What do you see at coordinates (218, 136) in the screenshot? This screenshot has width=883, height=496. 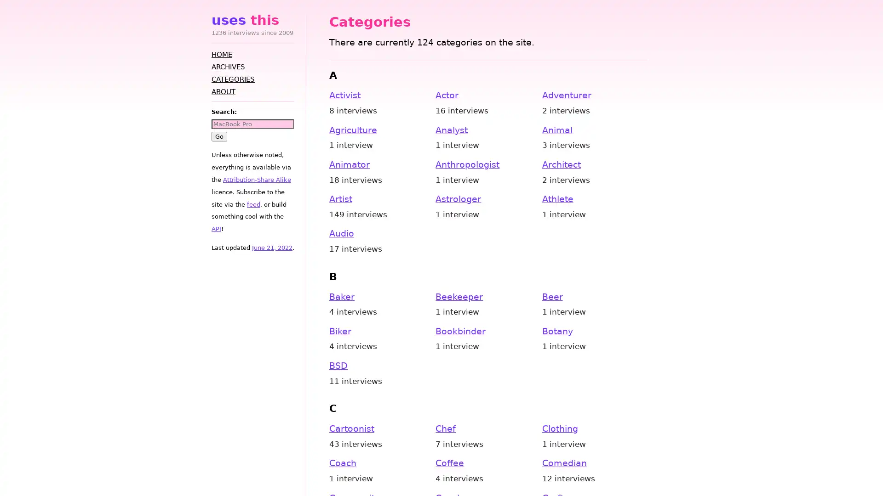 I see `Go` at bounding box center [218, 136].